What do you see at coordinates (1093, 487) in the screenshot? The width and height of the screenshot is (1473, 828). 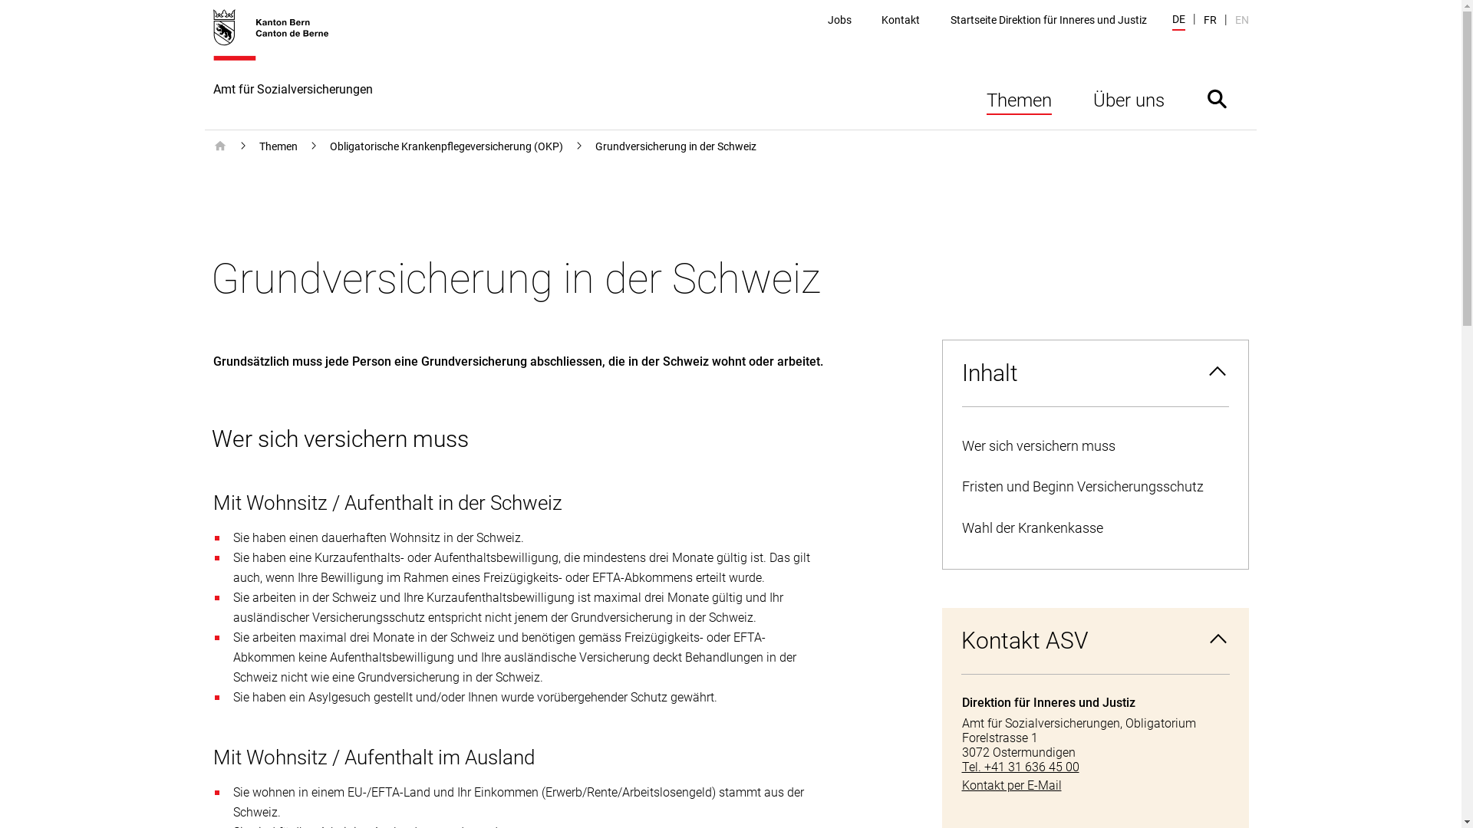 I see `'Fristen und Beginn Versicherungsschutz'` at bounding box center [1093, 487].